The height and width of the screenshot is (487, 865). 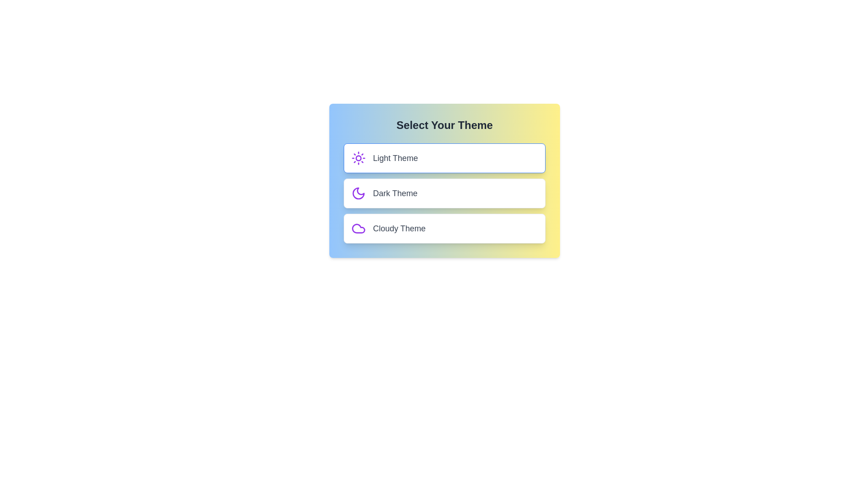 What do you see at coordinates (395, 193) in the screenshot?
I see `the 'Dark Theme' text label, which is styled with a medium-sized gray font and is located within the second theme selection card under 'Select Your Theme', to the right of the moon-shaped icon` at bounding box center [395, 193].